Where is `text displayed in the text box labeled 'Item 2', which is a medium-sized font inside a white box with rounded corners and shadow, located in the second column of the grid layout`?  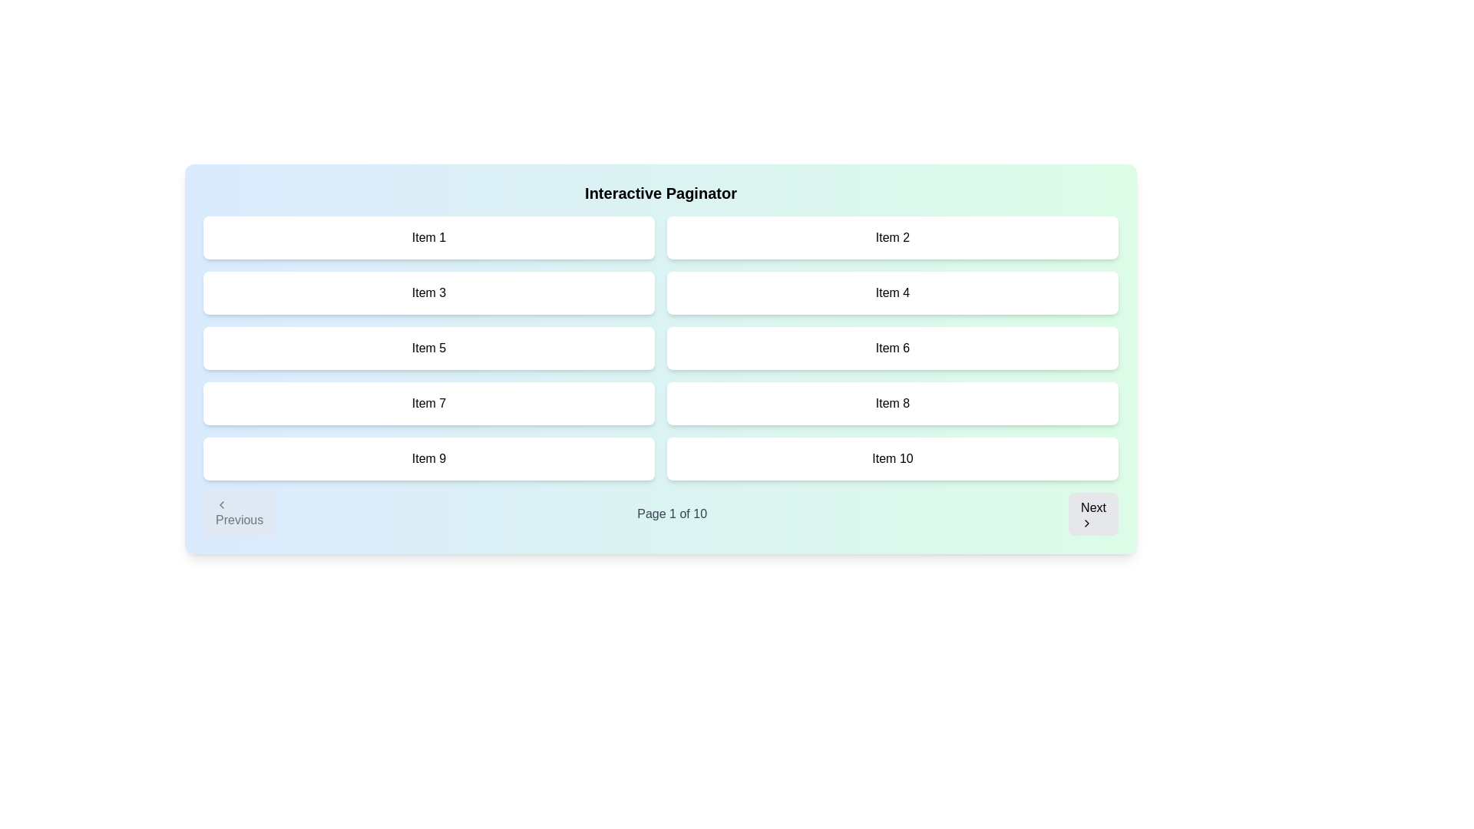 text displayed in the text box labeled 'Item 2', which is a medium-sized font inside a white box with rounded corners and shadow, located in the second column of the grid layout is located at coordinates (892, 237).